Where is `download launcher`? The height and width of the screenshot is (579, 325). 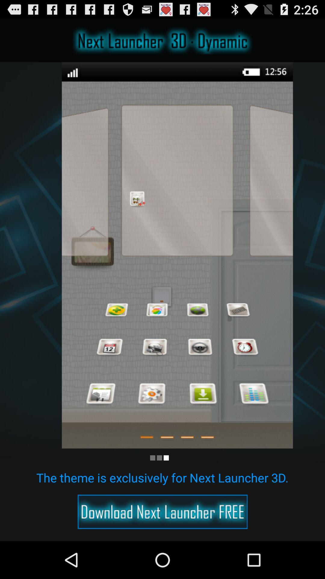 download launcher is located at coordinates (162, 511).